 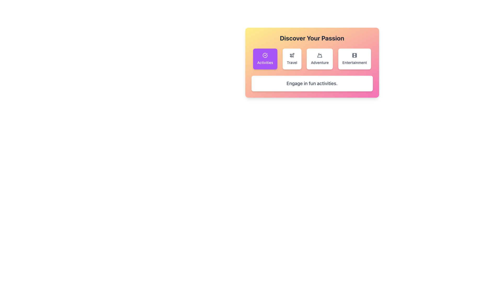 What do you see at coordinates (265, 55) in the screenshot?
I see `the 'Activities' card by clicking on the icon that visually represents 'Activities', which is centered above the text label within the card` at bounding box center [265, 55].